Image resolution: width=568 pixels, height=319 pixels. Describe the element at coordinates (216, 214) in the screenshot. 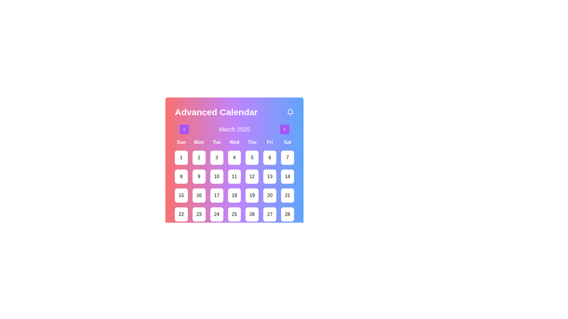

I see `the button-like element representing the date '24' in the calendar for March 2025, located in the 4th row and 4th column` at that location.